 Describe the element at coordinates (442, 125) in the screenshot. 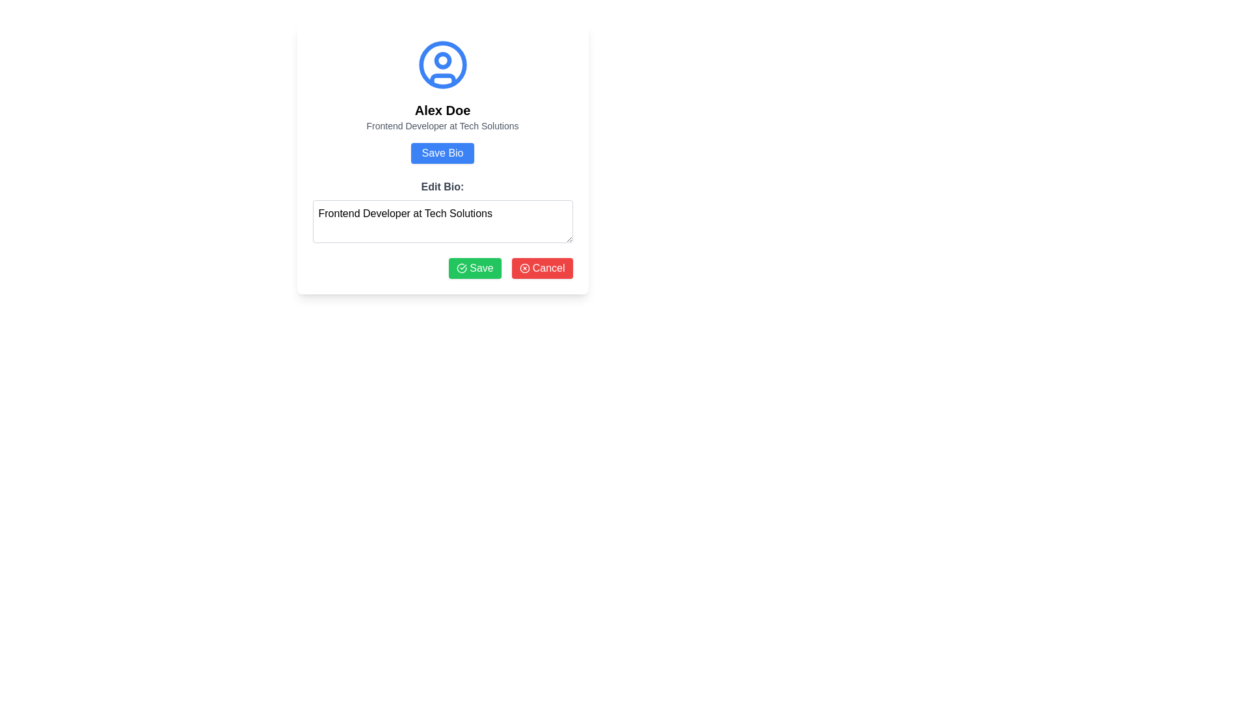

I see `the static text display indicating the professional title and workplace of the individual, located below the name 'Alex Doe'` at that location.